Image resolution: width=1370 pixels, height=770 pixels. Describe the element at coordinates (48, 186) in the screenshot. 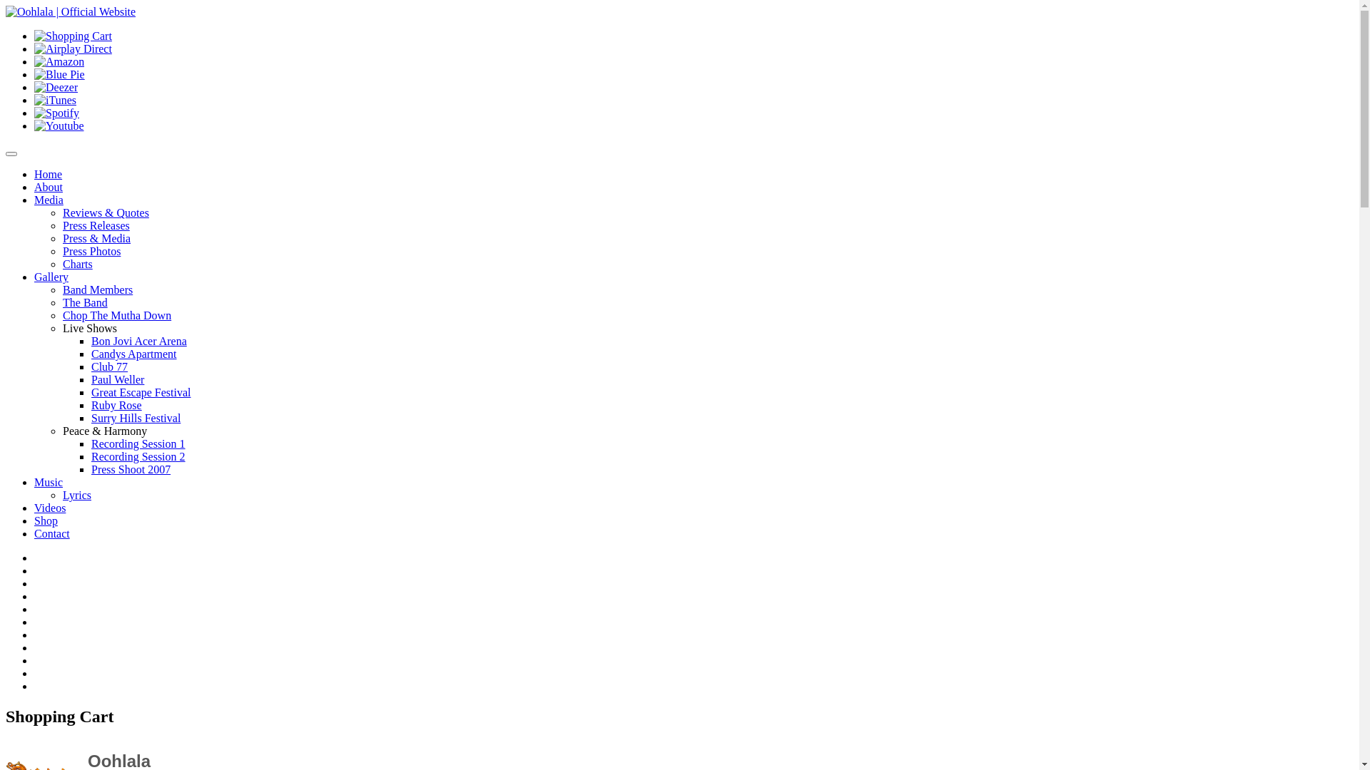

I see `'About'` at that location.